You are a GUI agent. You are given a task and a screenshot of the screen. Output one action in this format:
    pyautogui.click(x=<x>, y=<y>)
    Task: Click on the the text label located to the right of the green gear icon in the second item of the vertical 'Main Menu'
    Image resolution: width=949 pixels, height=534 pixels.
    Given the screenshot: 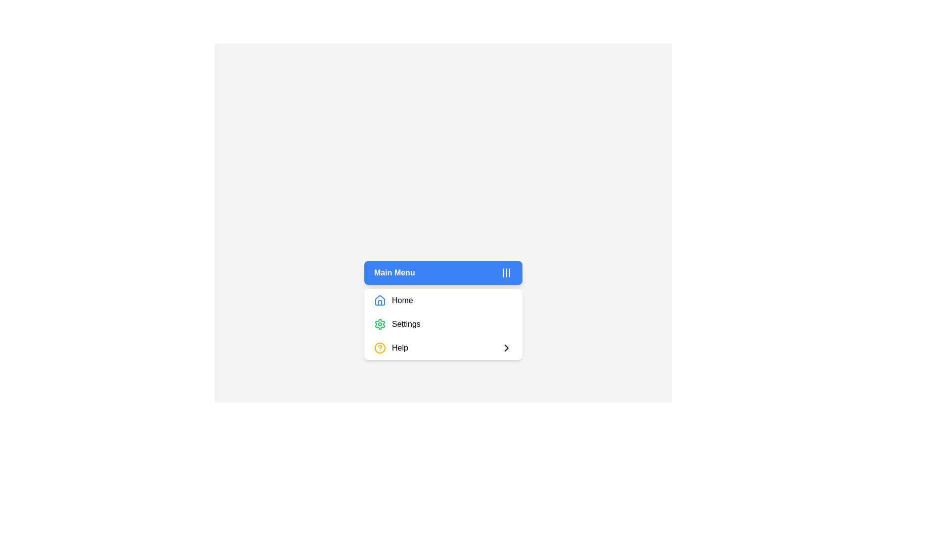 What is the action you would take?
    pyautogui.click(x=406, y=324)
    